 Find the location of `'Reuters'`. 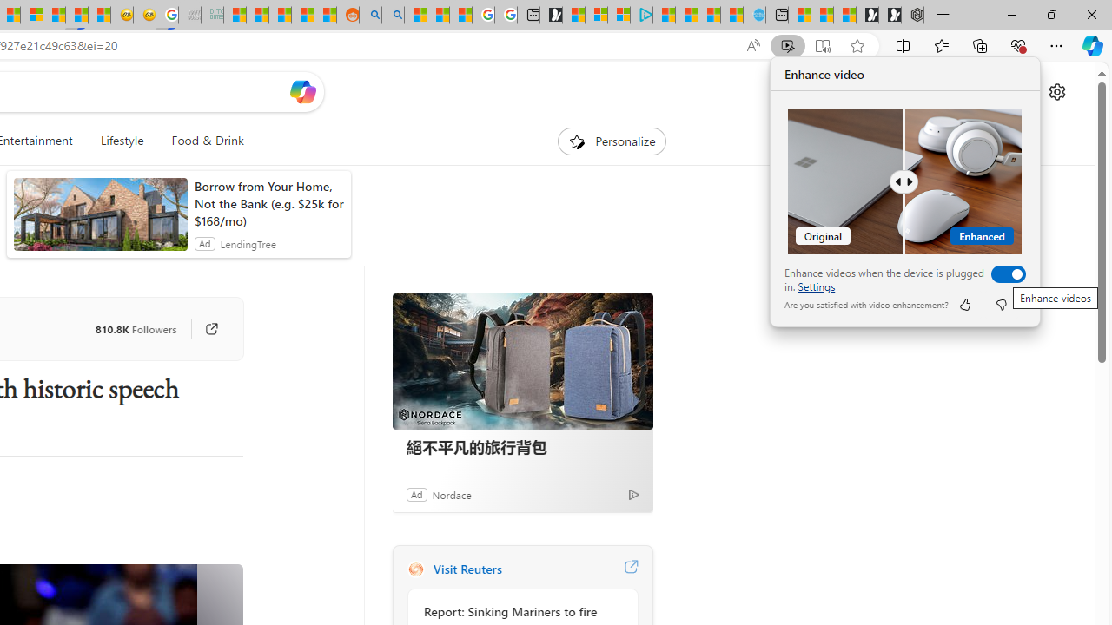

'Reuters' is located at coordinates (414, 569).